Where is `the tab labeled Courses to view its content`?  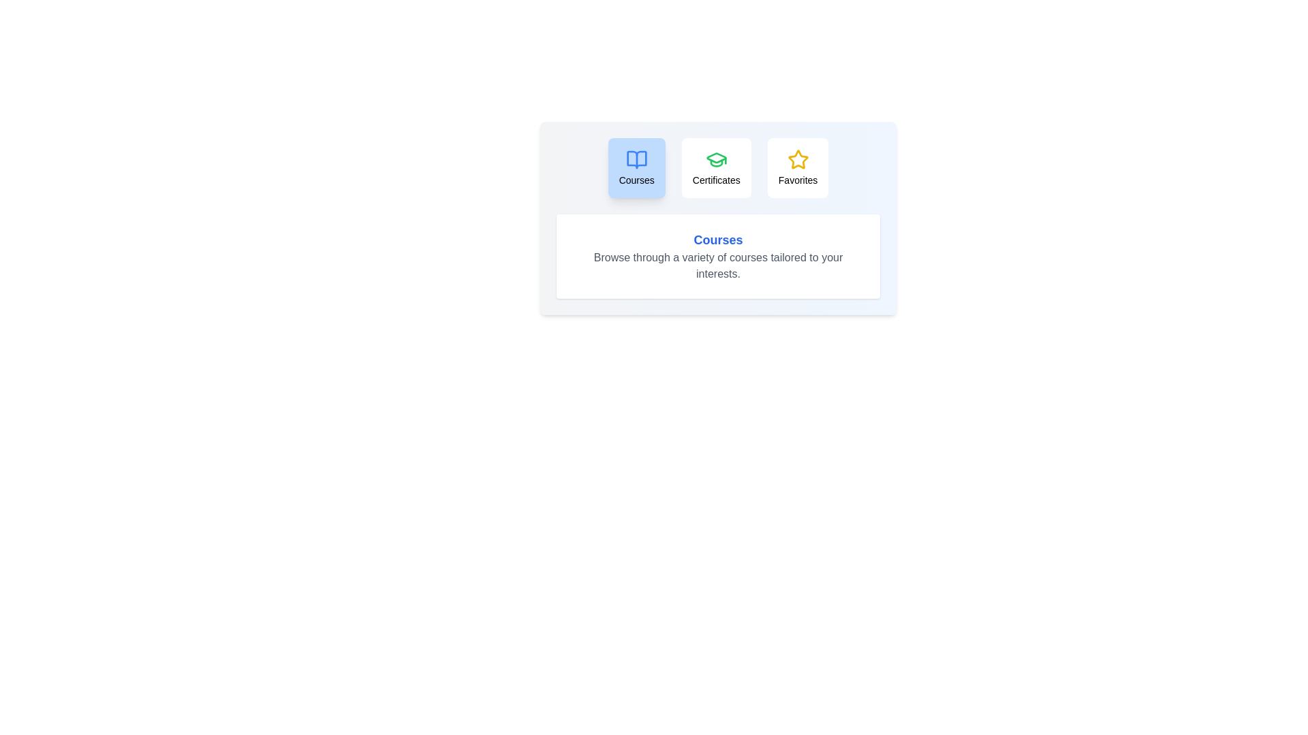
the tab labeled Courses to view its content is located at coordinates (636, 167).